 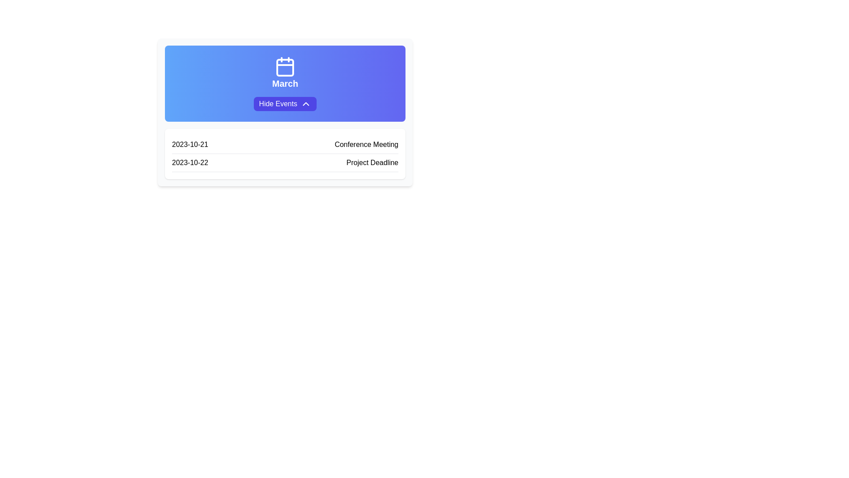 What do you see at coordinates (366, 144) in the screenshot?
I see `the Text Display Element that describes the event 'Conference Meeting', located to the right of '2023-10-21'` at bounding box center [366, 144].